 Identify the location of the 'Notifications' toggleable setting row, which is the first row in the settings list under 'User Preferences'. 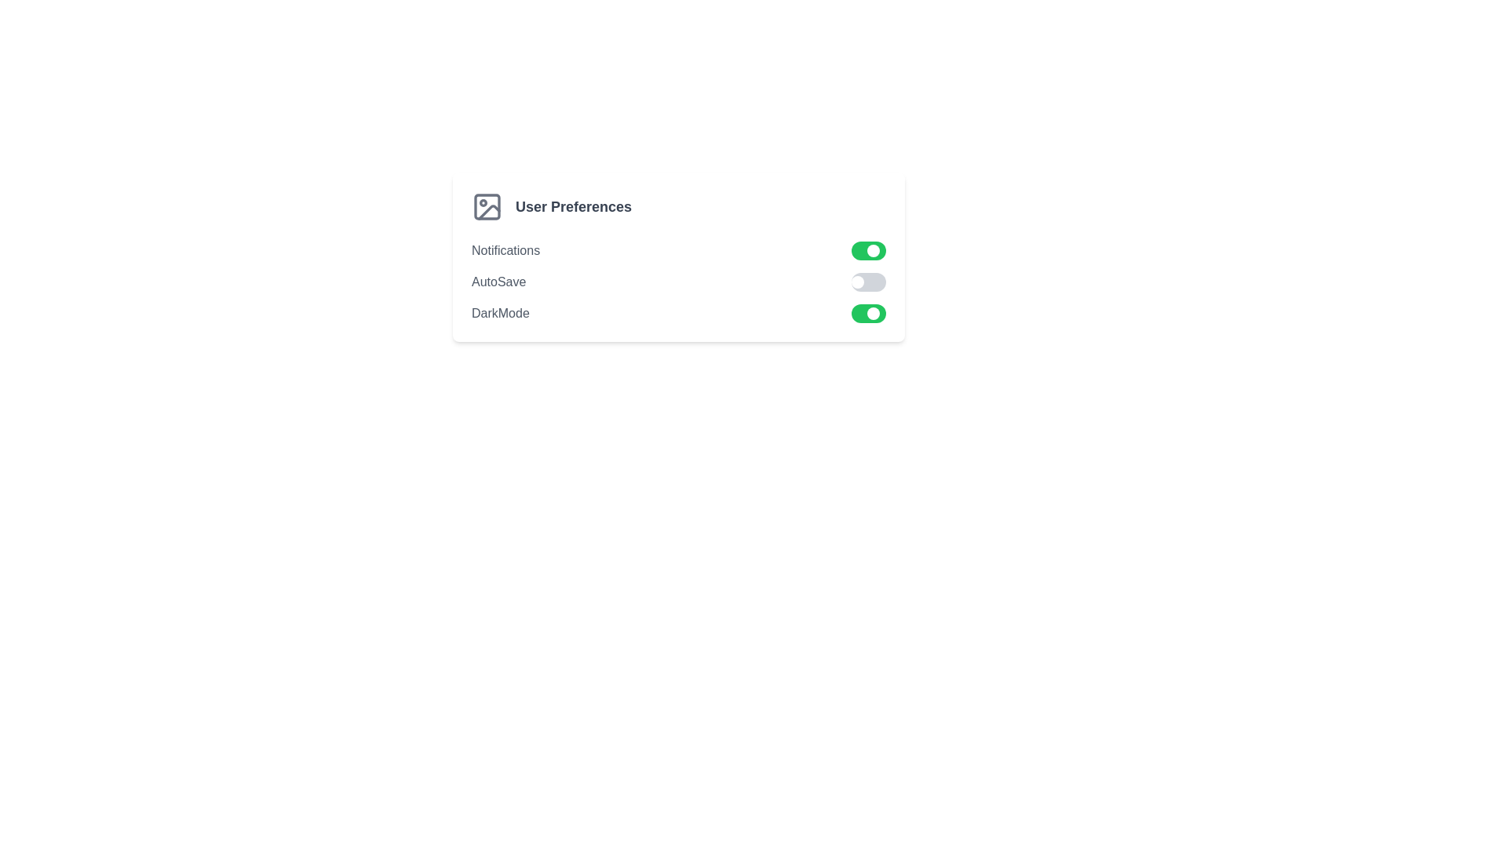
(678, 250).